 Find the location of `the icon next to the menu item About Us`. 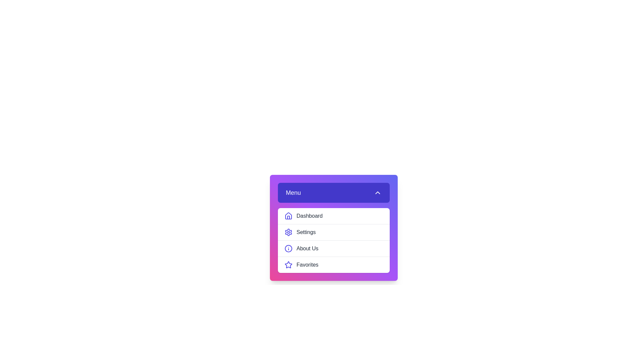

the icon next to the menu item About Us is located at coordinates (289, 249).